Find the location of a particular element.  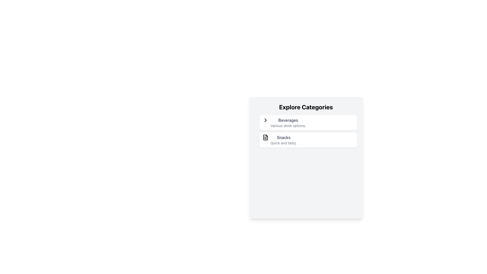

the right-pointing chevron icon located next to the text 'Beverages' in the top item of the list under 'Explore Categories' is located at coordinates (265, 120).